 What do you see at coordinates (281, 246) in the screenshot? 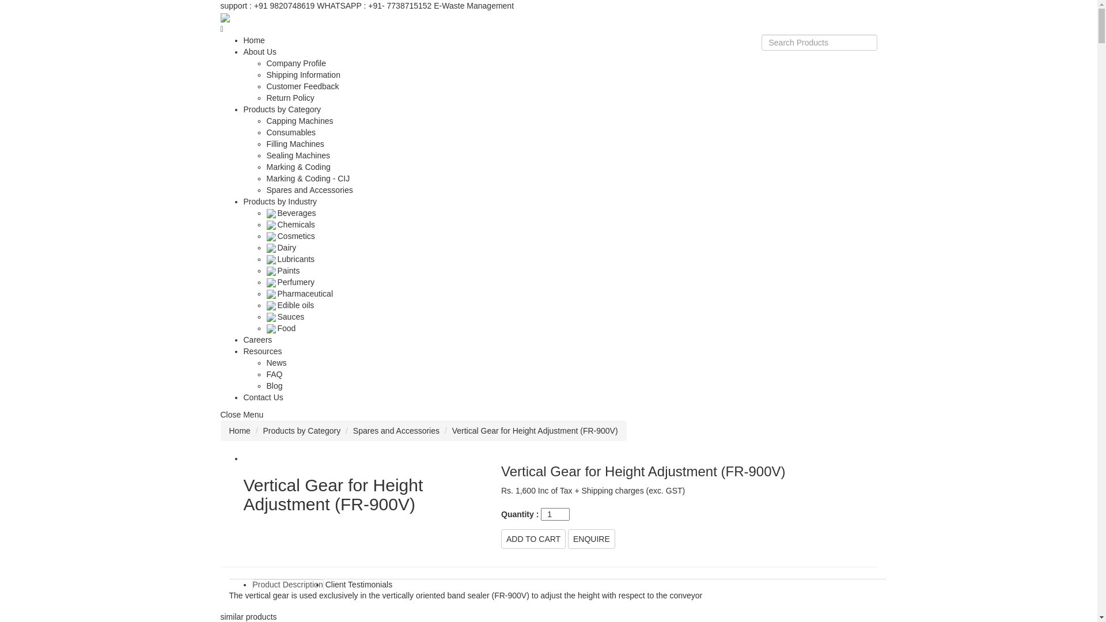
I see `'Dairy'` at bounding box center [281, 246].